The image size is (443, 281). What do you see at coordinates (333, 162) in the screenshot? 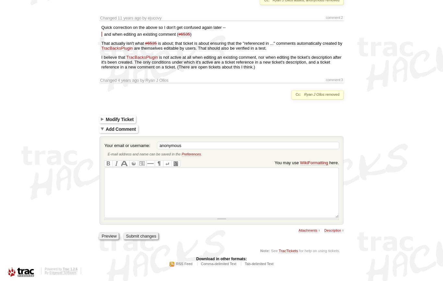
I see `'here.'` at bounding box center [333, 162].